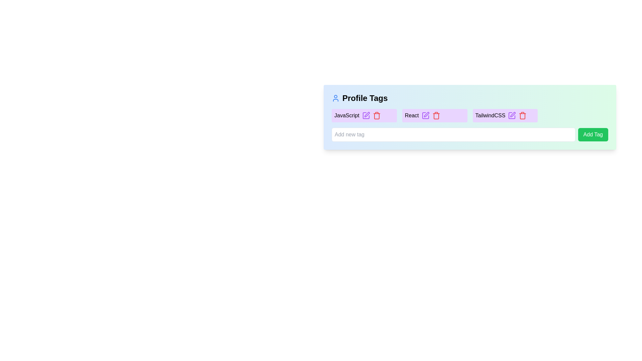 This screenshot has height=361, width=642. What do you see at coordinates (469, 117) in the screenshot?
I see `the user profile tags card component` at bounding box center [469, 117].